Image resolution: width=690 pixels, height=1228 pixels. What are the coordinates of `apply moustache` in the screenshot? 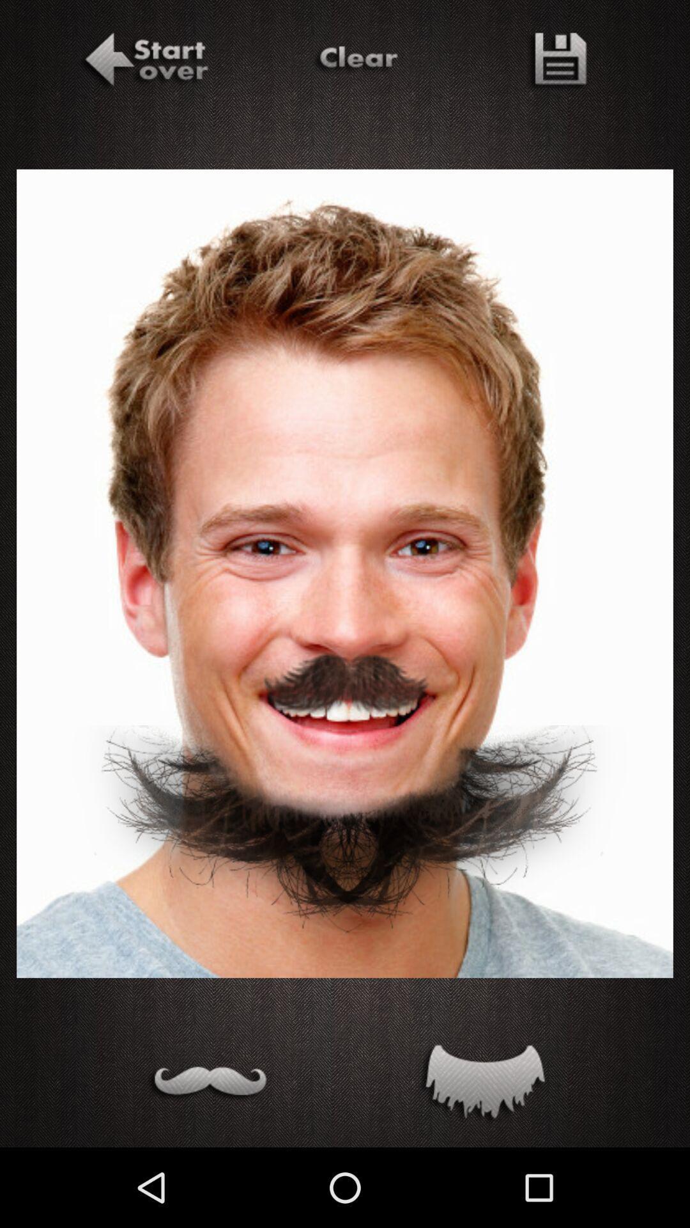 It's located at (206, 1084).